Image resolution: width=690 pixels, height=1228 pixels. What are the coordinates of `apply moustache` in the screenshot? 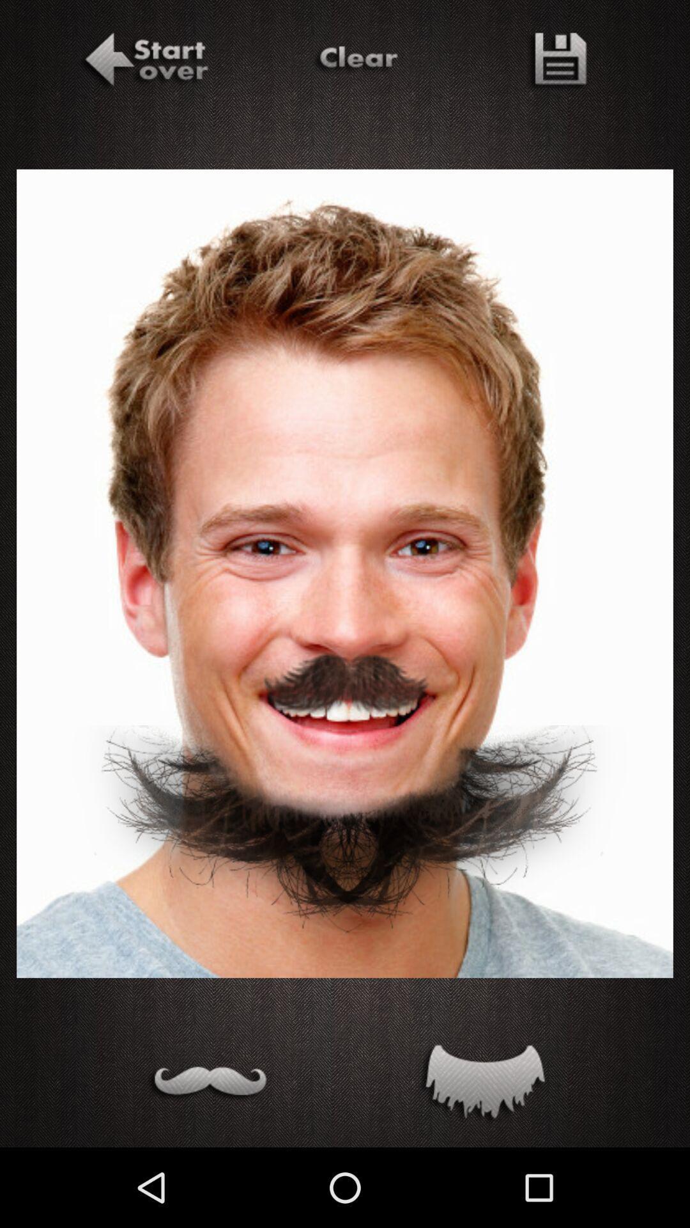 It's located at (206, 1084).